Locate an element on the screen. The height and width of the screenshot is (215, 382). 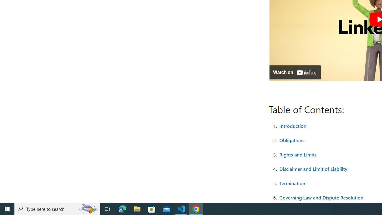
'Disclaimer and Limit of Liability' is located at coordinates (313, 168).